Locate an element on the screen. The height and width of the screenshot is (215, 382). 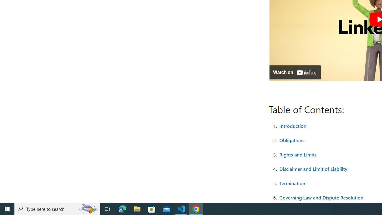
'Disclaimer and Limit of Liability' is located at coordinates (313, 168).